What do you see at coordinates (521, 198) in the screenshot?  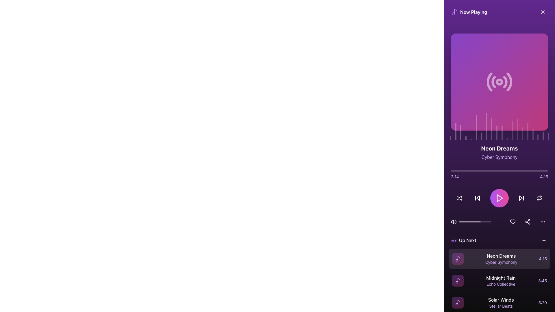 I see `the 'next track' button, which is an interactive icon with a rightward triangle on a purple background, located as the fourth icon from the left` at bounding box center [521, 198].